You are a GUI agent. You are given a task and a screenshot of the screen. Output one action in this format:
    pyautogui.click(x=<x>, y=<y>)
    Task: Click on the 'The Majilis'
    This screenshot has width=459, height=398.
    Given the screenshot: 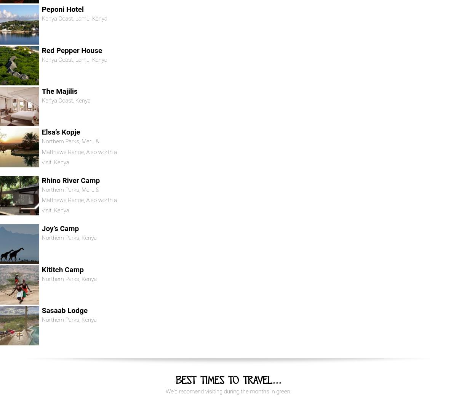 What is the action you would take?
    pyautogui.click(x=59, y=91)
    